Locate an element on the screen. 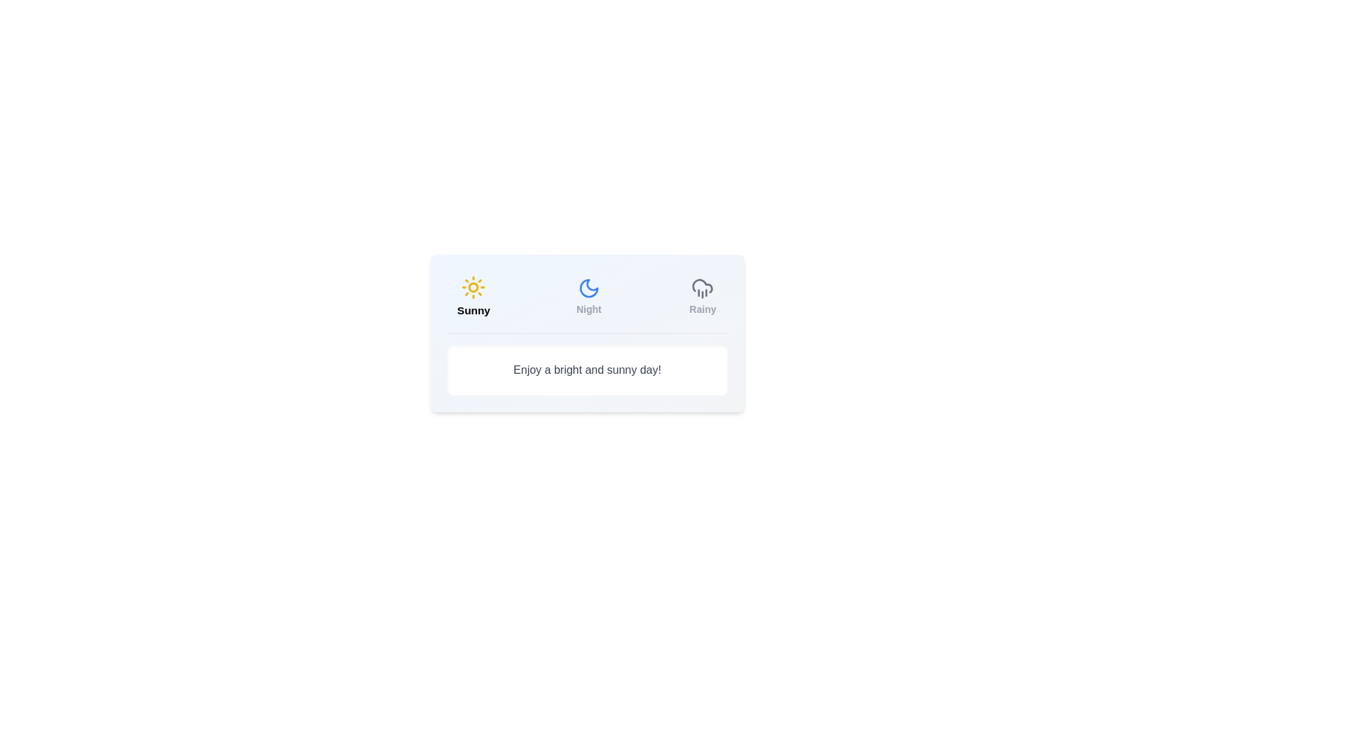  the tab labeled Rainy to observe its icon and label is located at coordinates (703, 296).